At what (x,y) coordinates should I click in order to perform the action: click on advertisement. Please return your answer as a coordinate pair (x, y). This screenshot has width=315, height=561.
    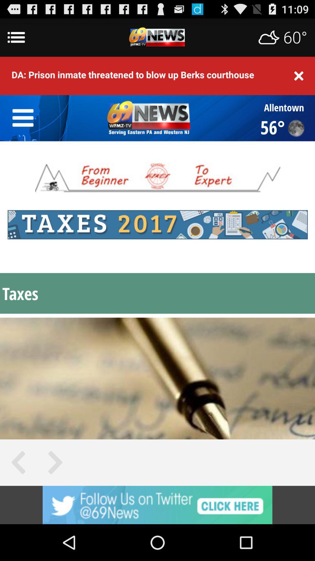
    Looking at the image, I should click on (157, 505).